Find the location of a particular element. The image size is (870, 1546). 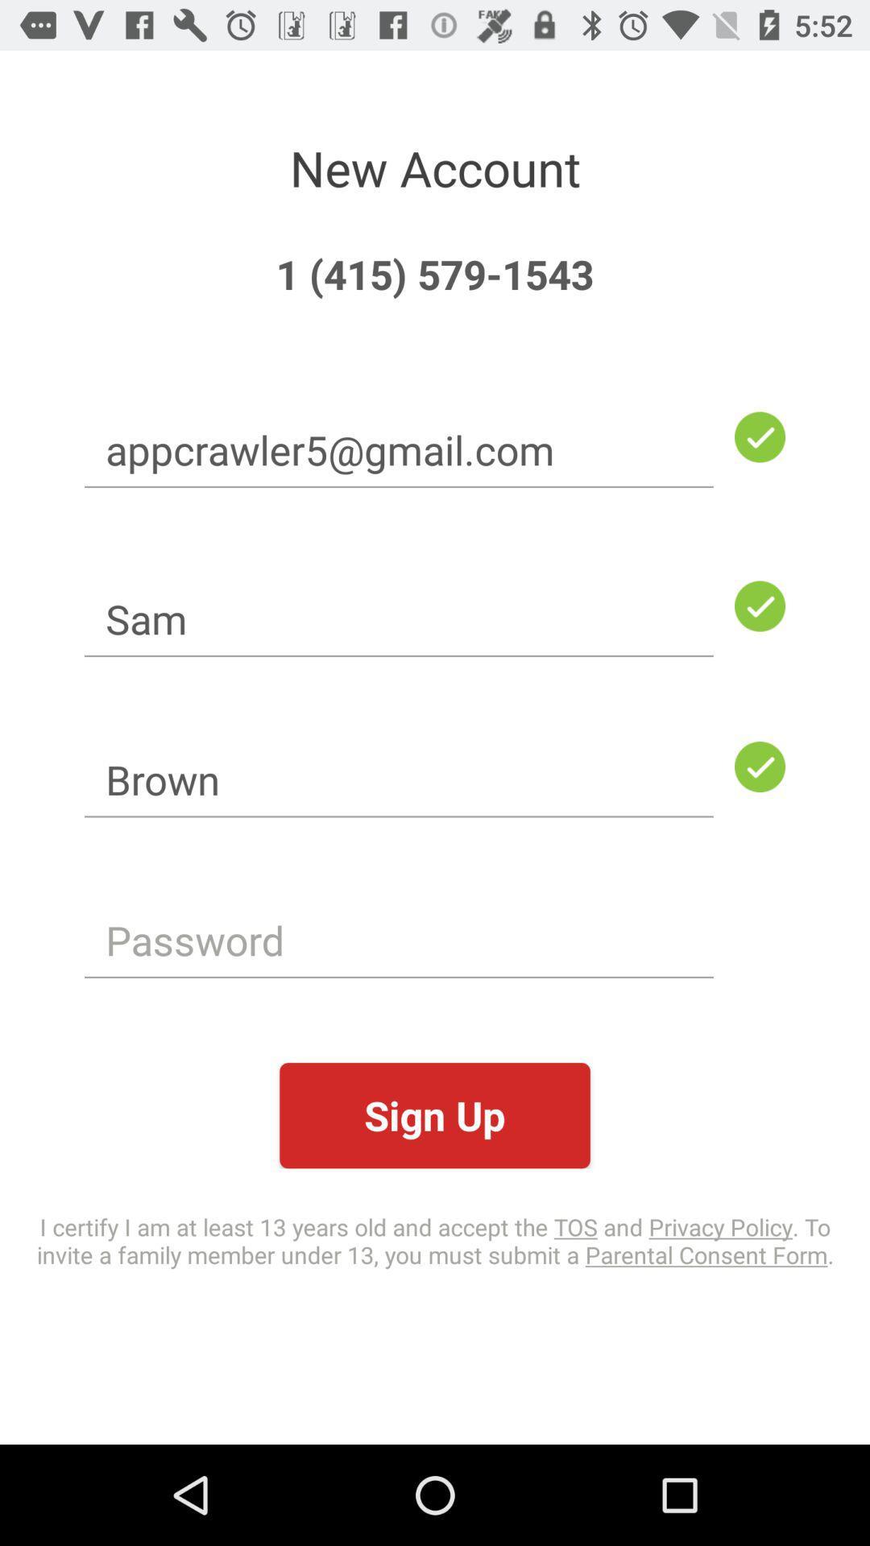

the sam icon is located at coordinates (399, 618).